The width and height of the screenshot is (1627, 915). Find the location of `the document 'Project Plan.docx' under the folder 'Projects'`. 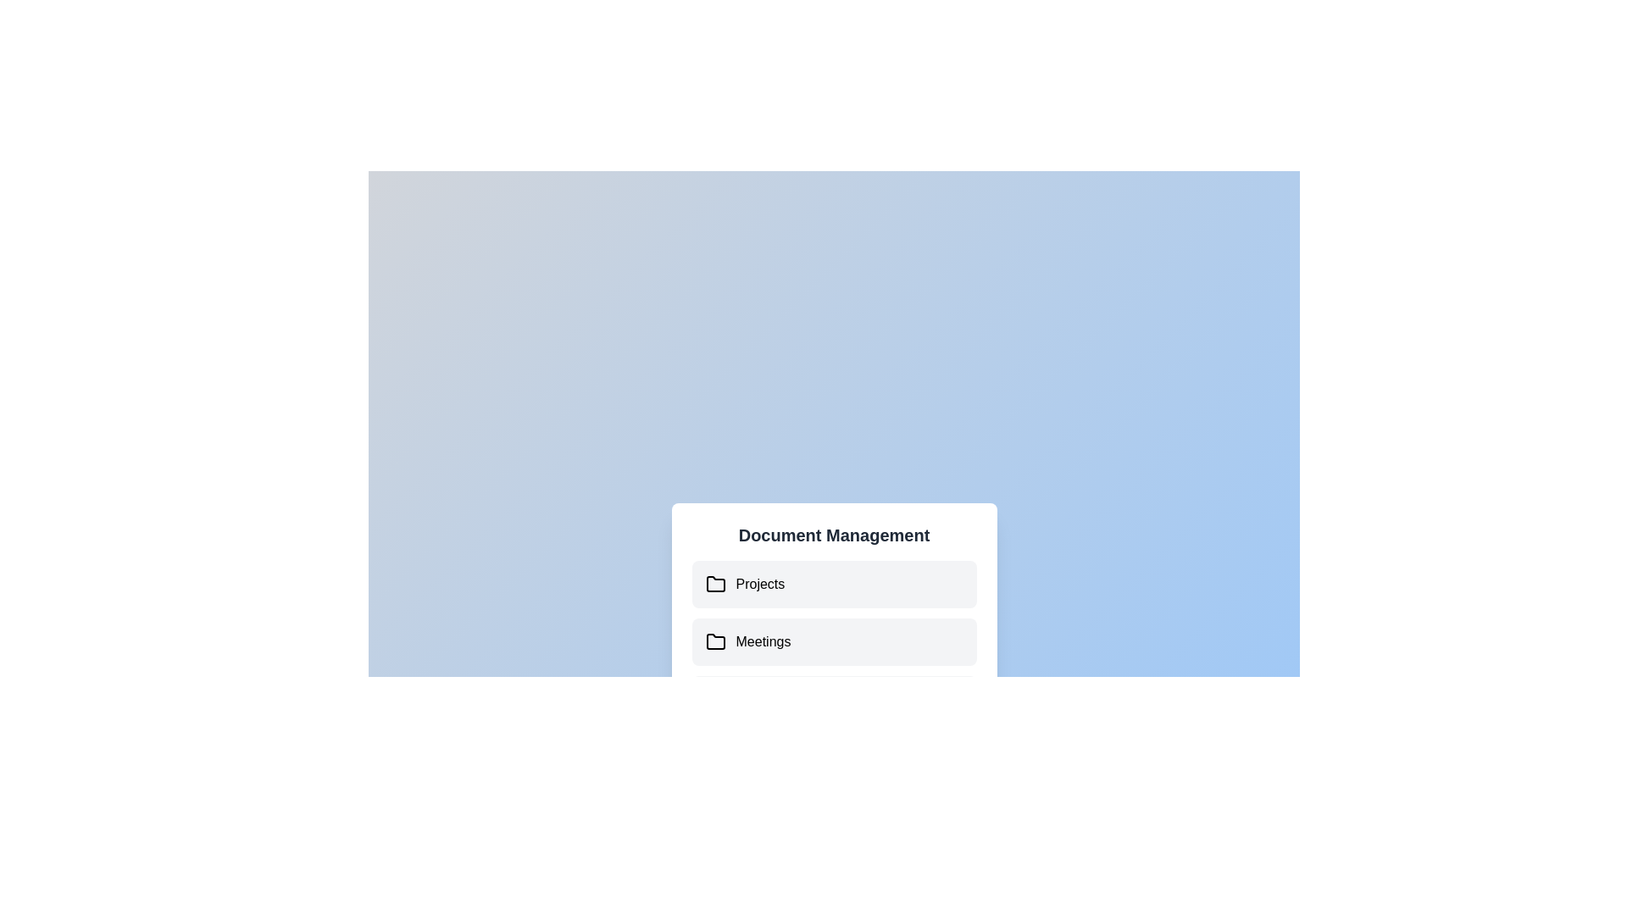

the document 'Project Plan.docx' under the folder 'Projects' is located at coordinates (834, 584).